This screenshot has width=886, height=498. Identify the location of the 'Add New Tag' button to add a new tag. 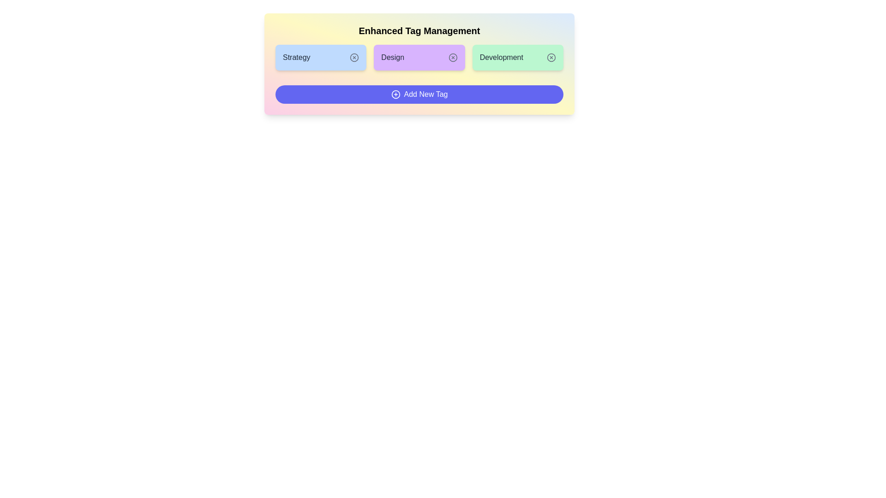
(418, 94).